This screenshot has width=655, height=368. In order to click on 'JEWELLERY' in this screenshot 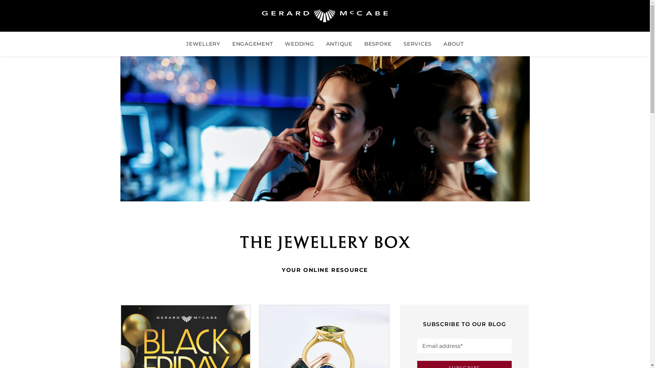, I will do `click(203, 44)`.